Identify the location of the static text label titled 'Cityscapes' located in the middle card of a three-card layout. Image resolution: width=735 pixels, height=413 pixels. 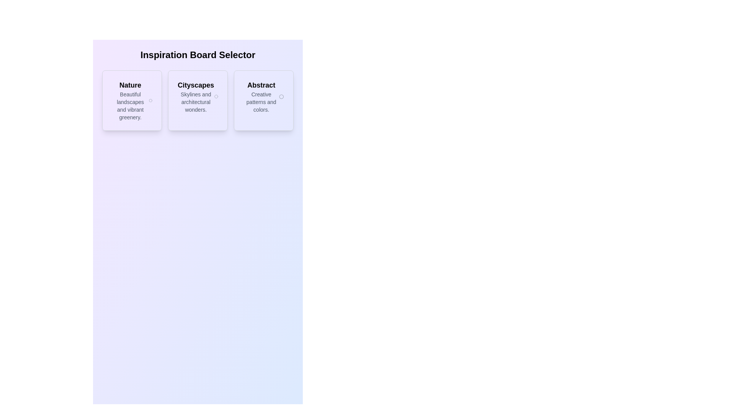
(196, 85).